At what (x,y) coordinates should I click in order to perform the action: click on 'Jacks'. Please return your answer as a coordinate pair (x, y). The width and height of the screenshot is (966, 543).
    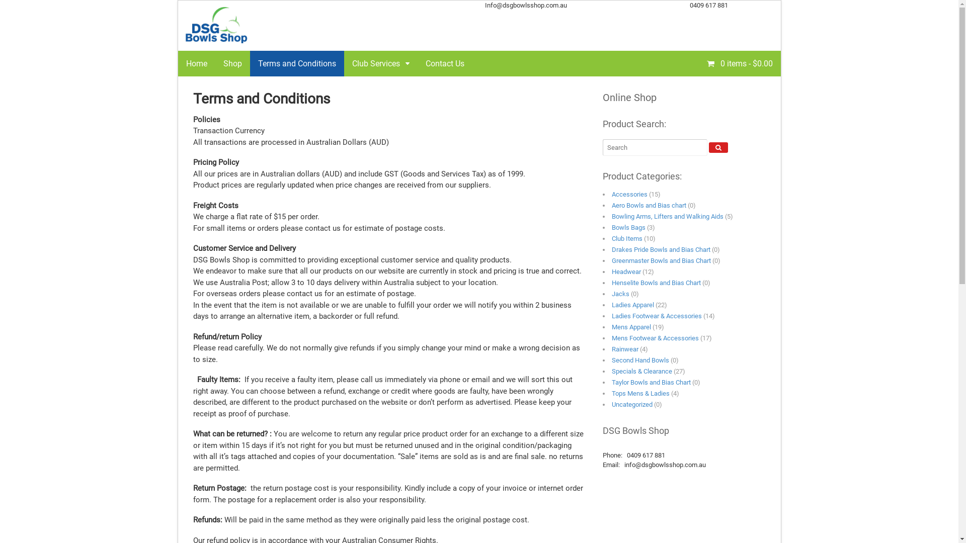
    Looking at the image, I should click on (611, 294).